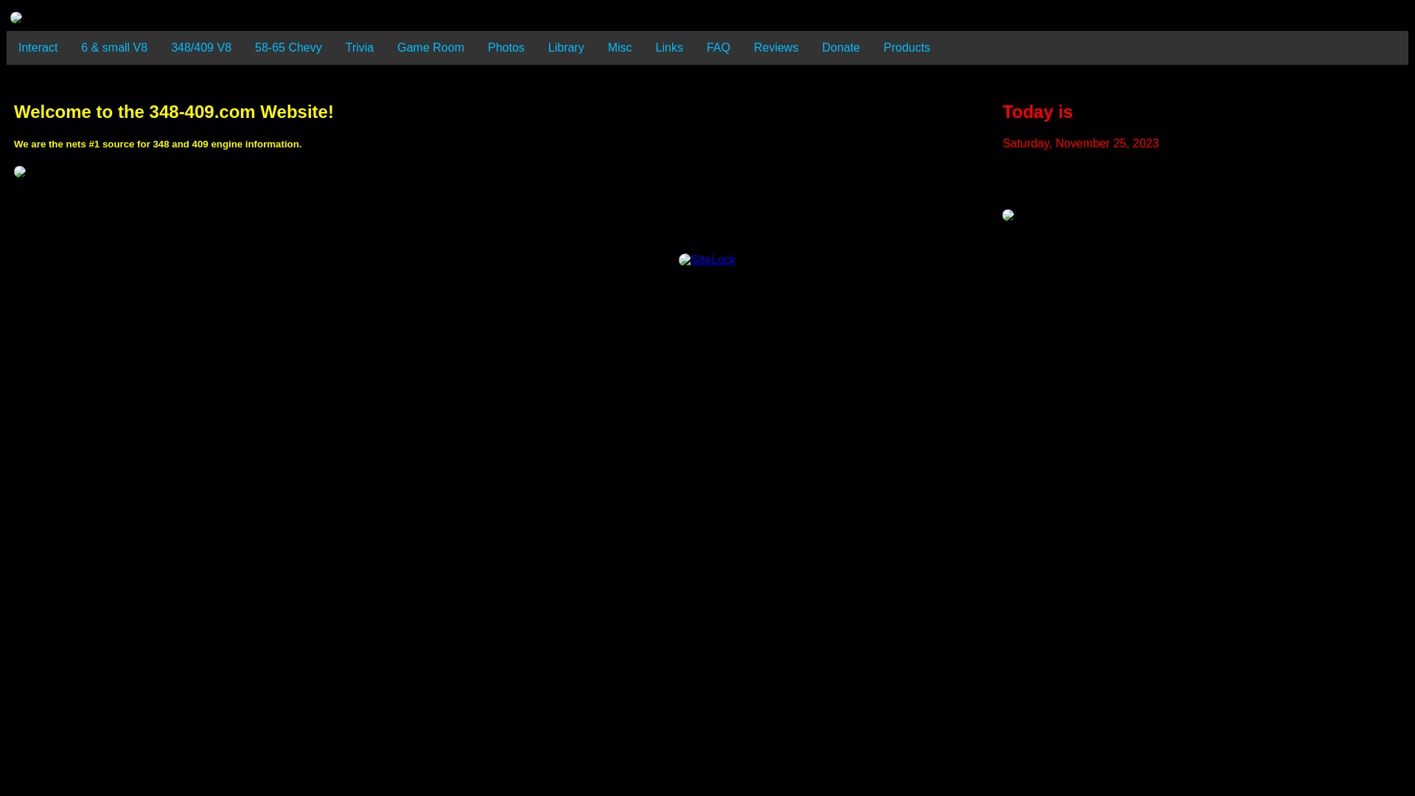 This screenshot has width=1415, height=796. What do you see at coordinates (906, 47) in the screenshot?
I see `'Products'` at bounding box center [906, 47].